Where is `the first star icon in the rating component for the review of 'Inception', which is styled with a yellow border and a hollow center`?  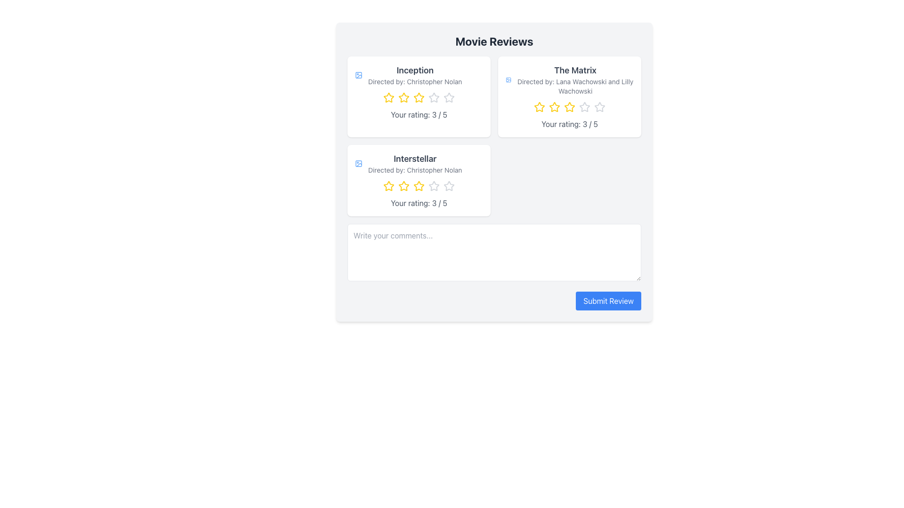 the first star icon in the rating component for the review of 'Inception', which is styled with a yellow border and a hollow center is located at coordinates (388, 97).